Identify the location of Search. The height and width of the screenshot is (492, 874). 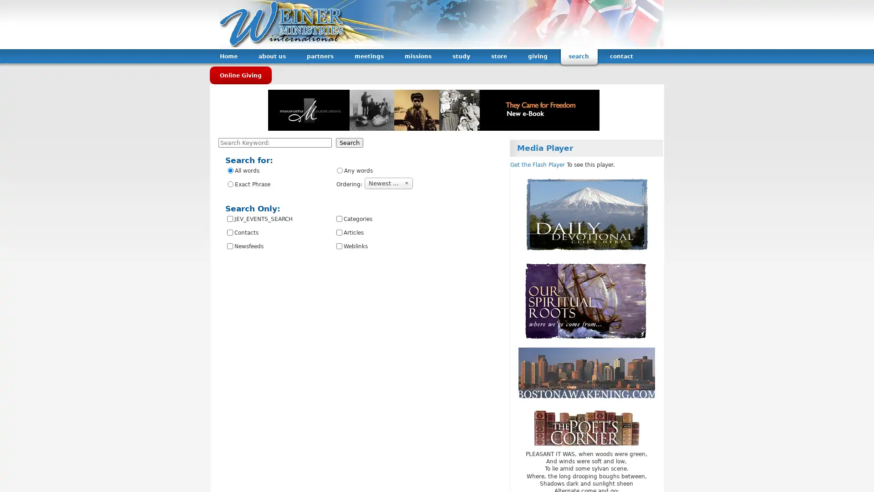
(349, 143).